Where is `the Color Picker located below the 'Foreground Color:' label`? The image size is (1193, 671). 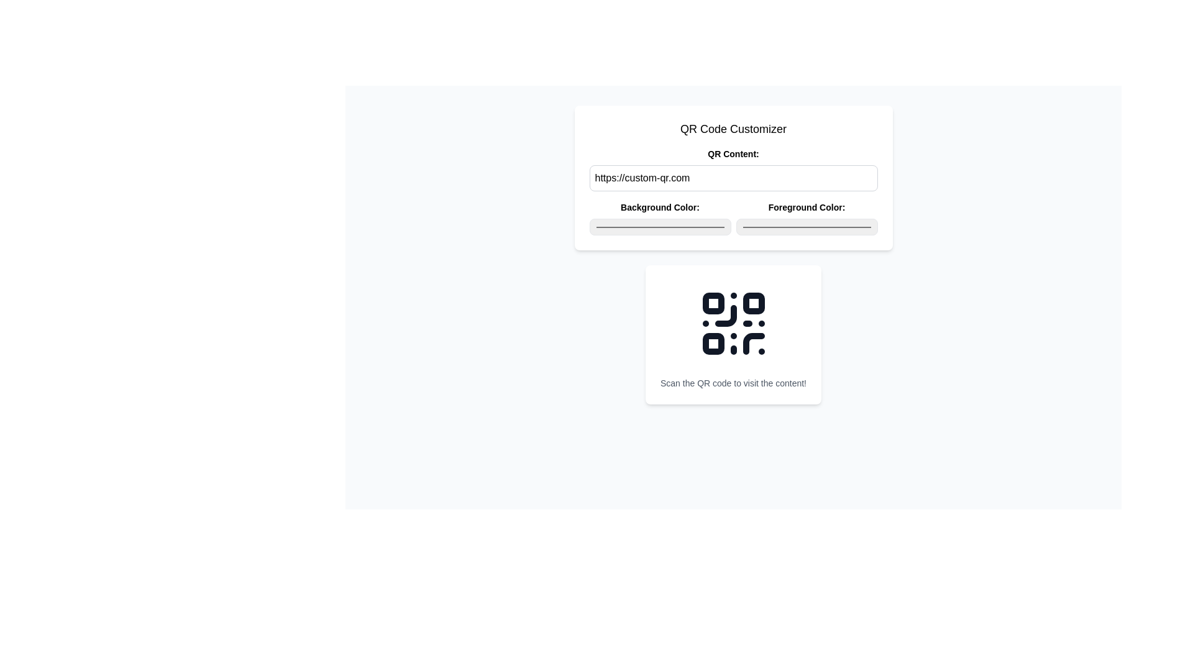
the Color Picker located below the 'Foreground Color:' label is located at coordinates (807, 227).